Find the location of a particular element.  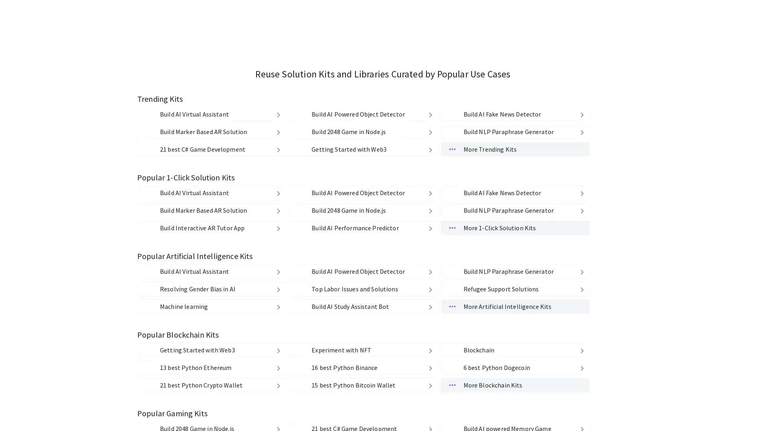

delete is located at coordinates (419, 393).